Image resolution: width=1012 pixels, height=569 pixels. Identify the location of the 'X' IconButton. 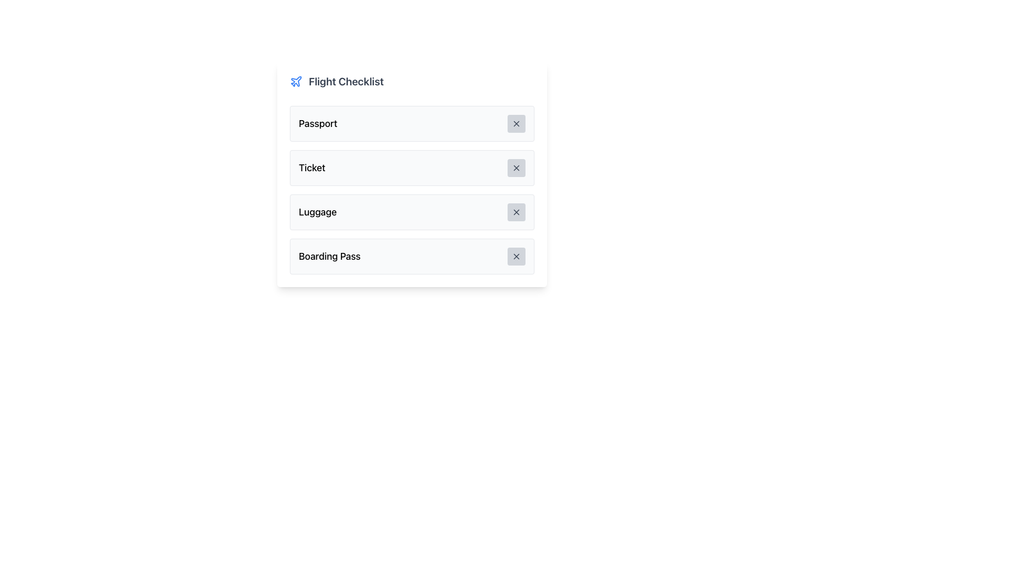
(516, 212).